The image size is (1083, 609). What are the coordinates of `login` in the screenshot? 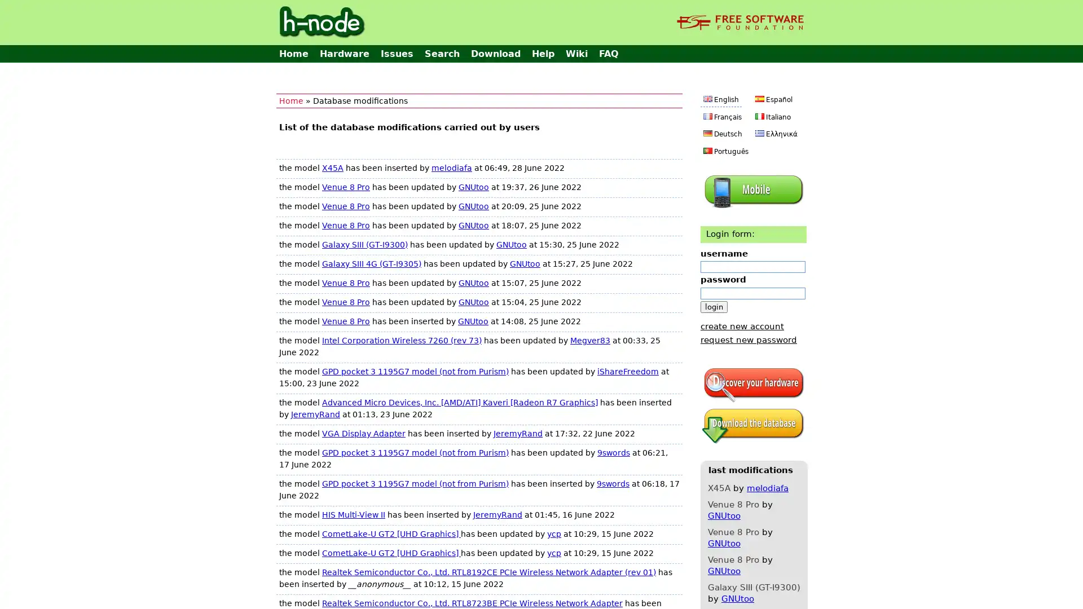 It's located at (714, 306).